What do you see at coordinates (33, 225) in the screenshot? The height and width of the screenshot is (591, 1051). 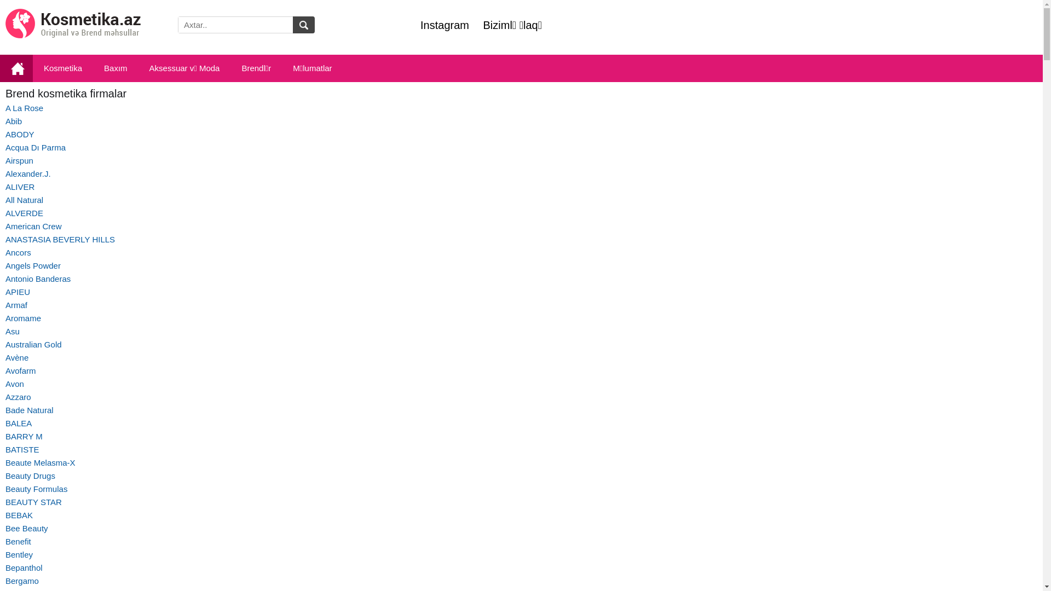 I see `'American Crew'` at bounding box center [33, 225].